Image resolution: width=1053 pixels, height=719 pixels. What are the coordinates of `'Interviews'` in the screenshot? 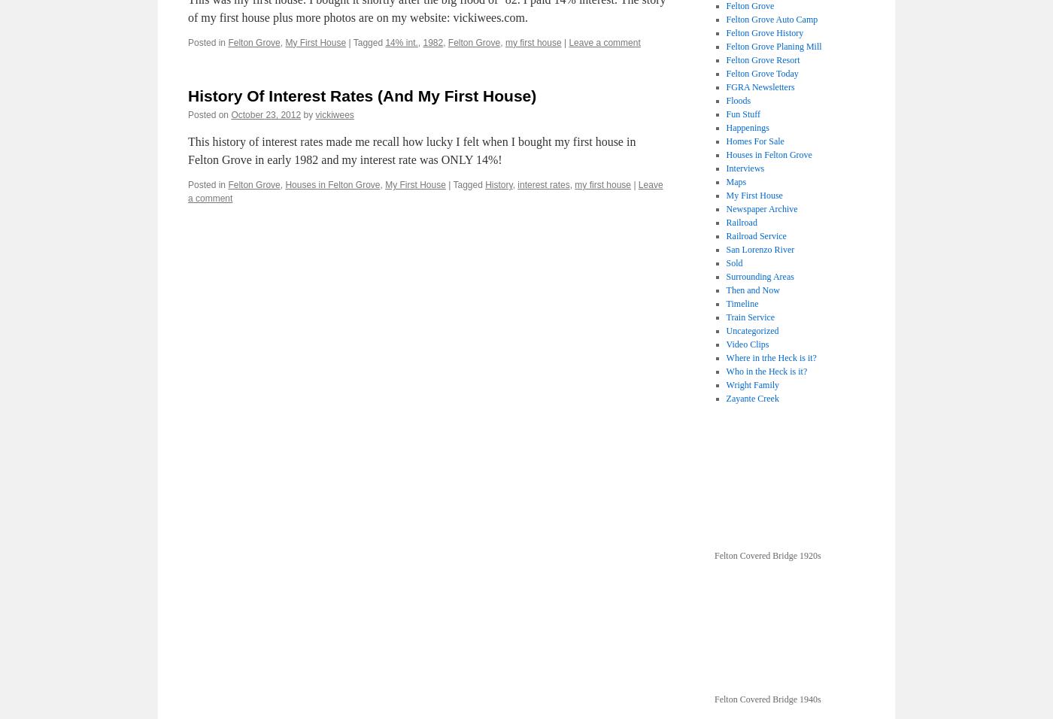 It's located at (745, 168).